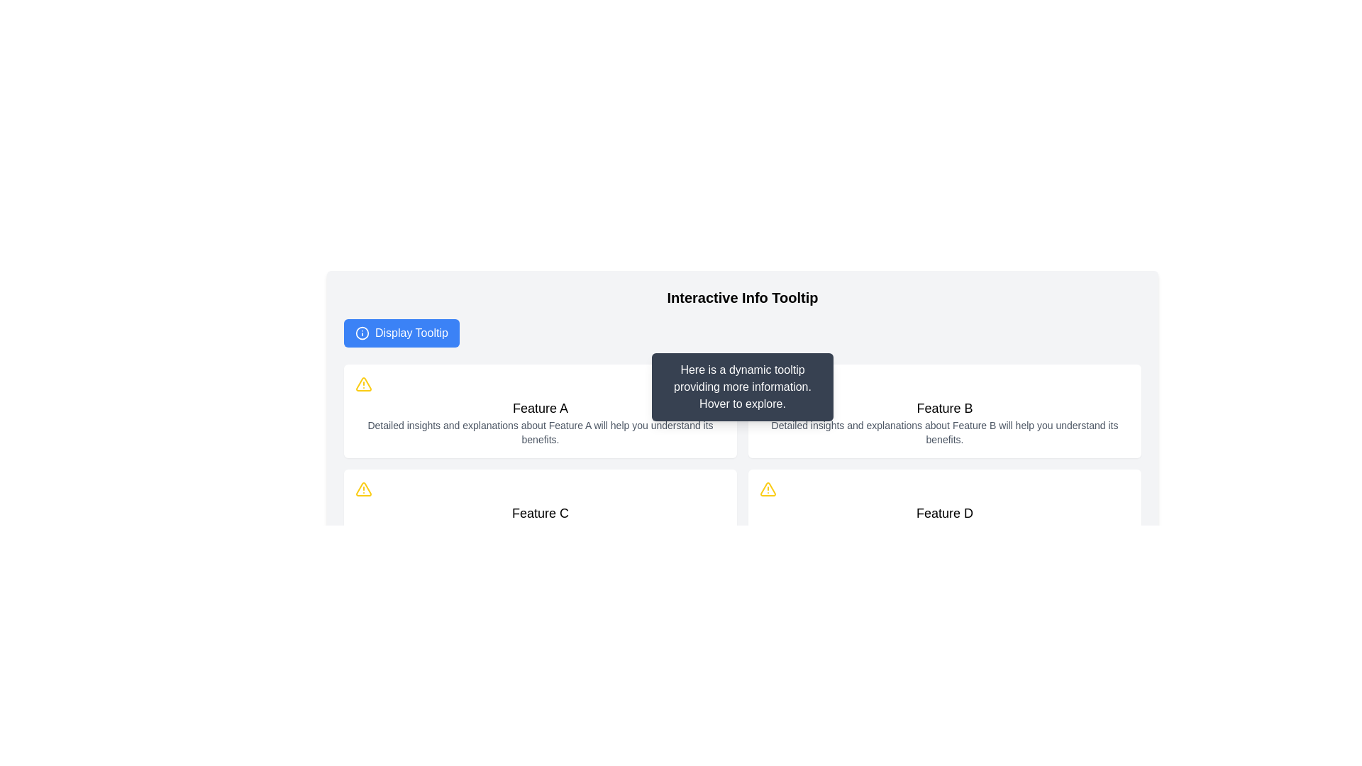  I want to click on the warning icon indicating important information related to 'Feature C', located at the top left corner of the box under the text 'Feature C', so click(364, 489).